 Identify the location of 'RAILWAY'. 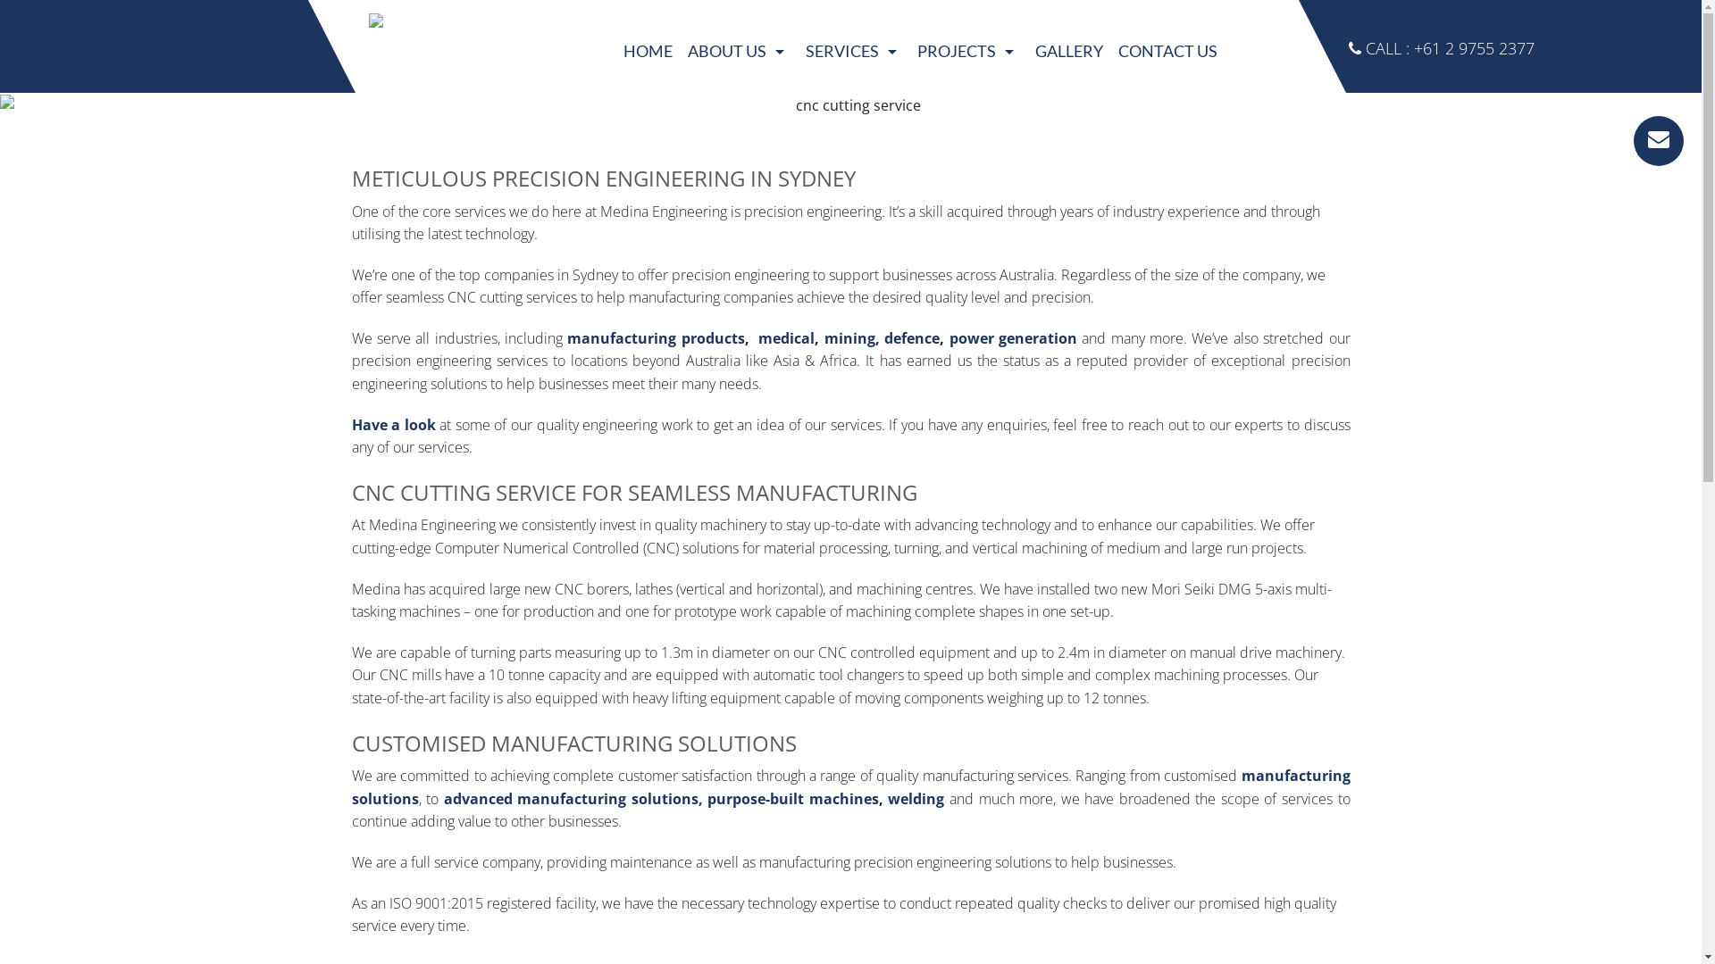
(967, 305).